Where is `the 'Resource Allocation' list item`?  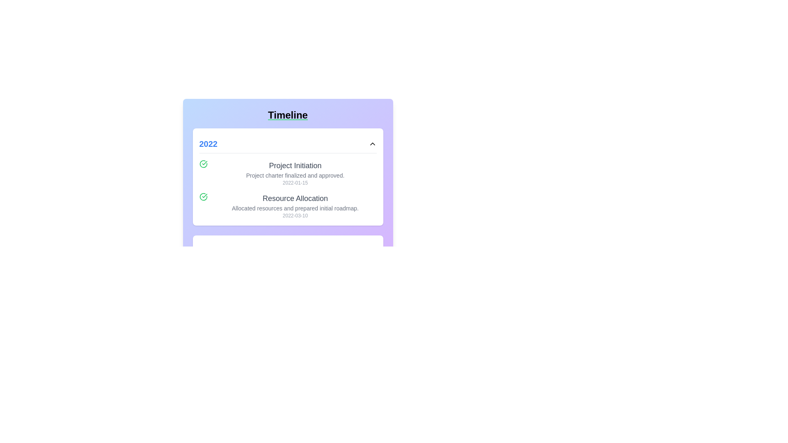
the 'Resource Allocation' list item is located at coordinates (288, 205).